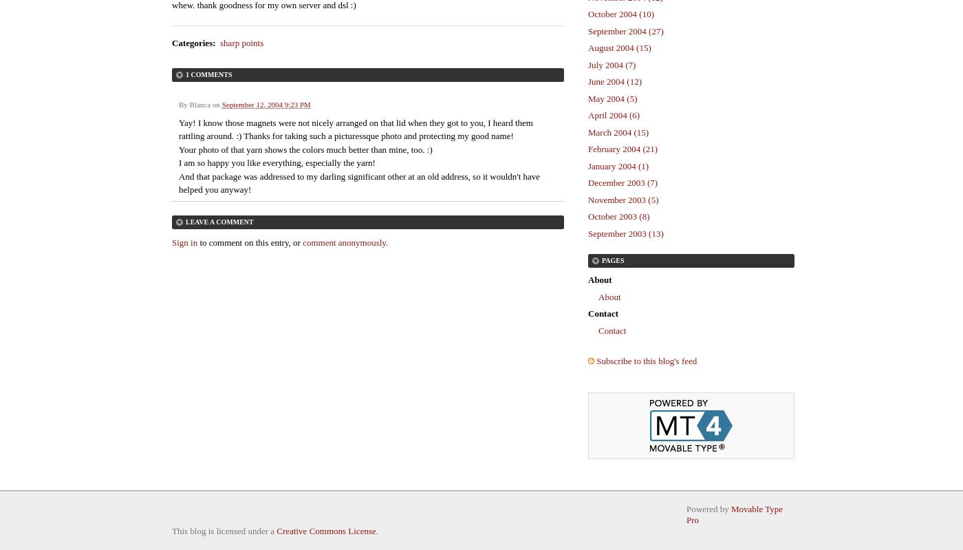 The height and width of the screenshot is (550, 963). I want to click on 'April 2004 (6)', so click(614, 114).